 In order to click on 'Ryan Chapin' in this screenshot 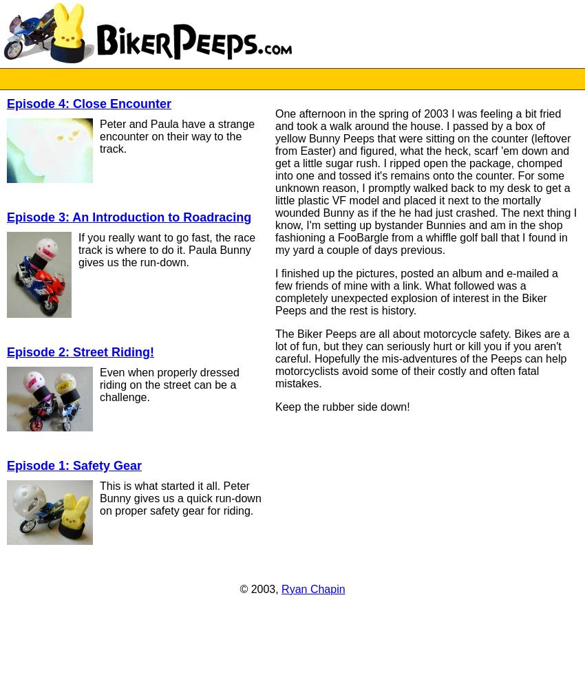, I will do `click(312, 588)`.